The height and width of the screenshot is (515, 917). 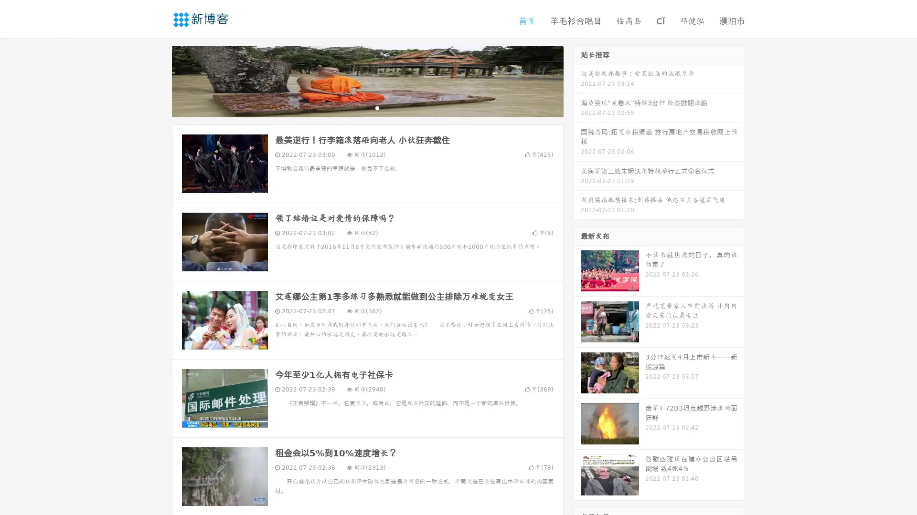 What do you see at coordinates (158, 80) in the screenshot?
I see `Previous slide` at bounding box center [158, 80].